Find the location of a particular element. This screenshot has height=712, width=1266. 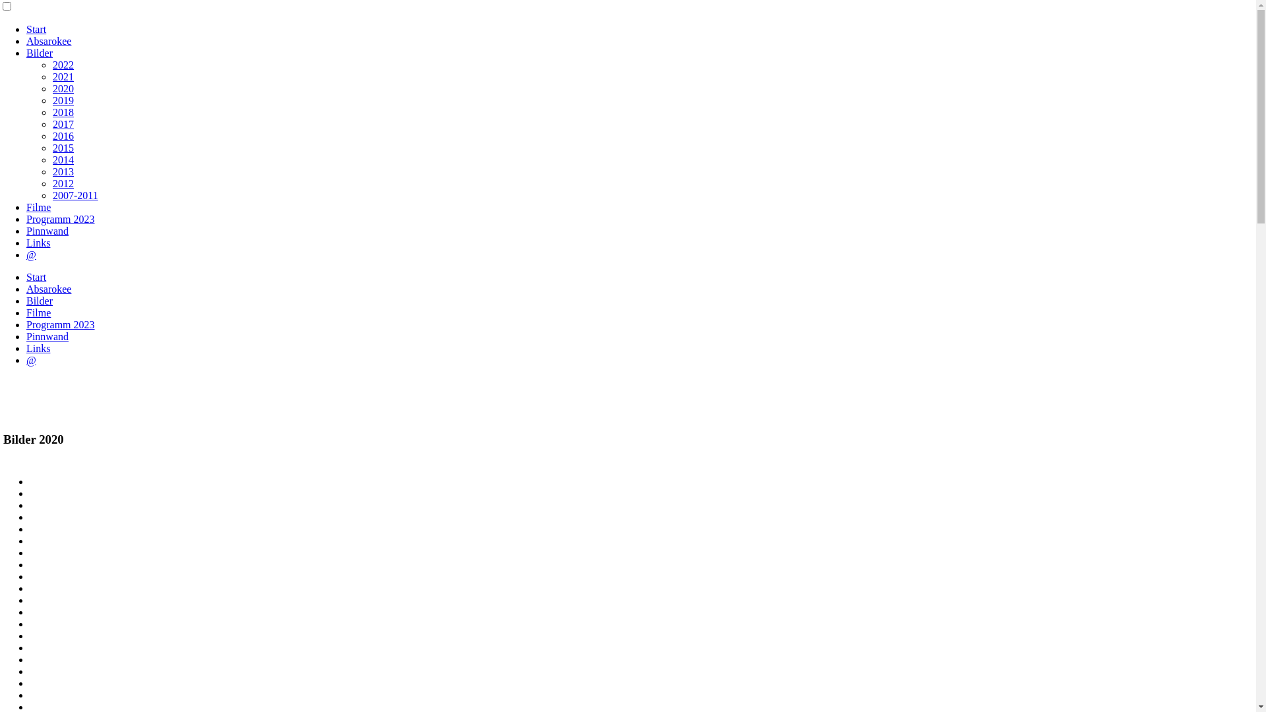

'2012' is located at coordinates (63, 183).